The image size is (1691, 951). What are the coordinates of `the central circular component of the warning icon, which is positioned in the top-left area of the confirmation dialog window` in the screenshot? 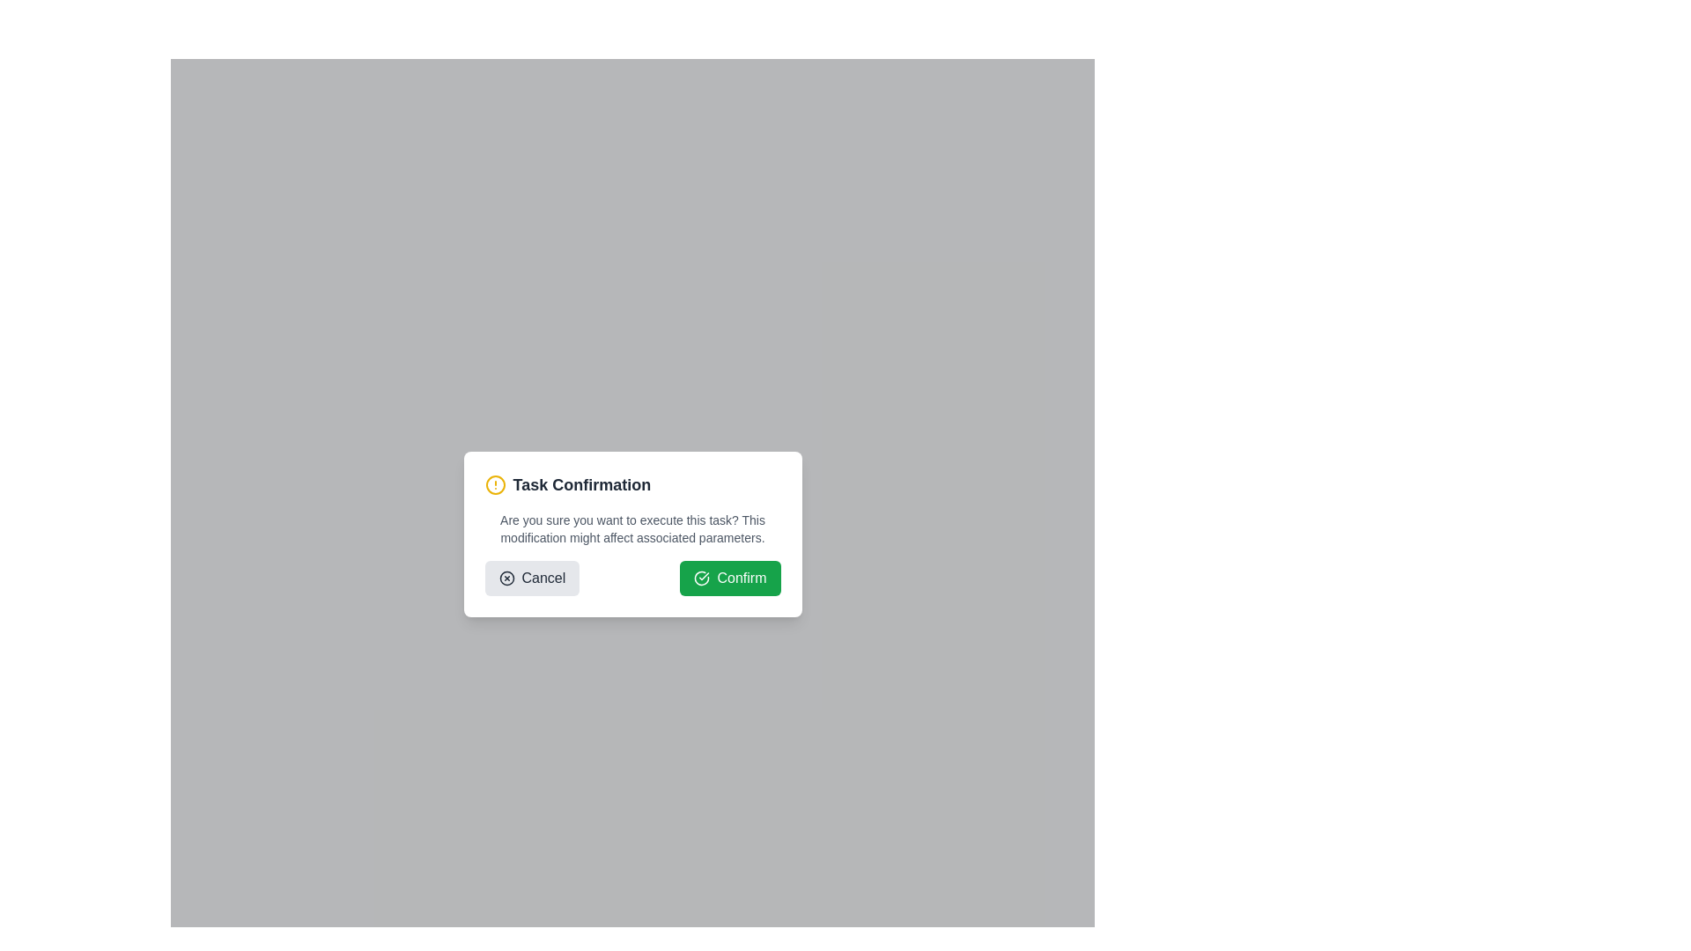 It's located at (494, 485).